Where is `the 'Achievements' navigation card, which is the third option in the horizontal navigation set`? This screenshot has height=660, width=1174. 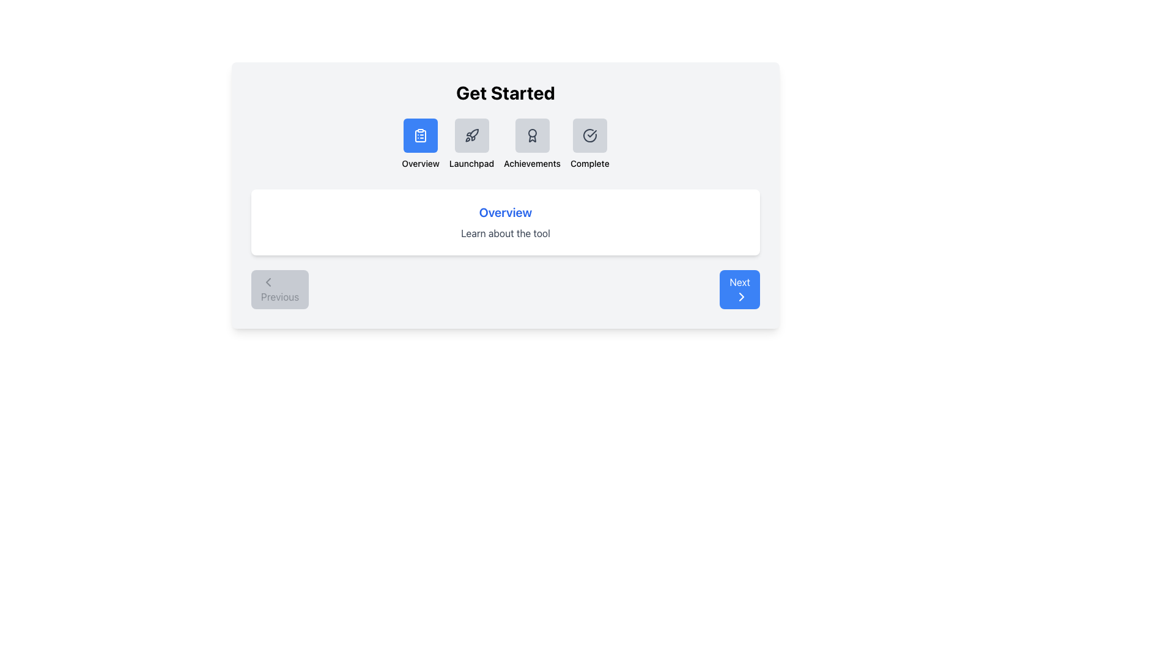
the 'Achievements' navigation card, which is the third option in the horizontal navigation set is located at coordinates (532, 143).